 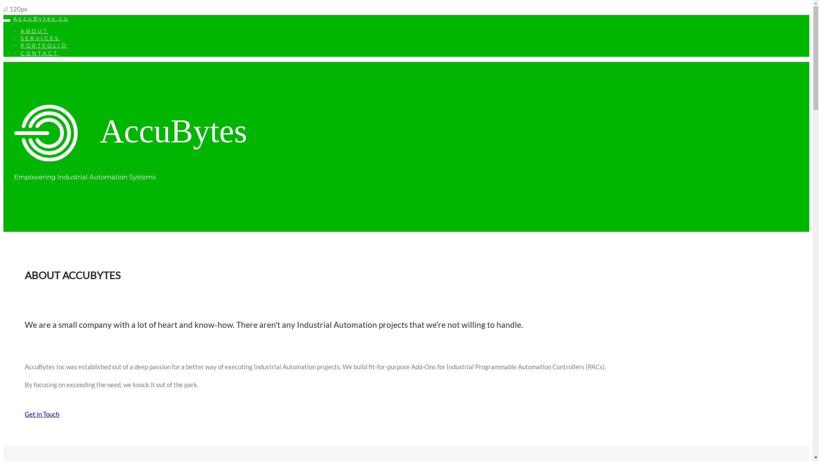 I want to click on 'SERVICES', so click(x=40, y=38).